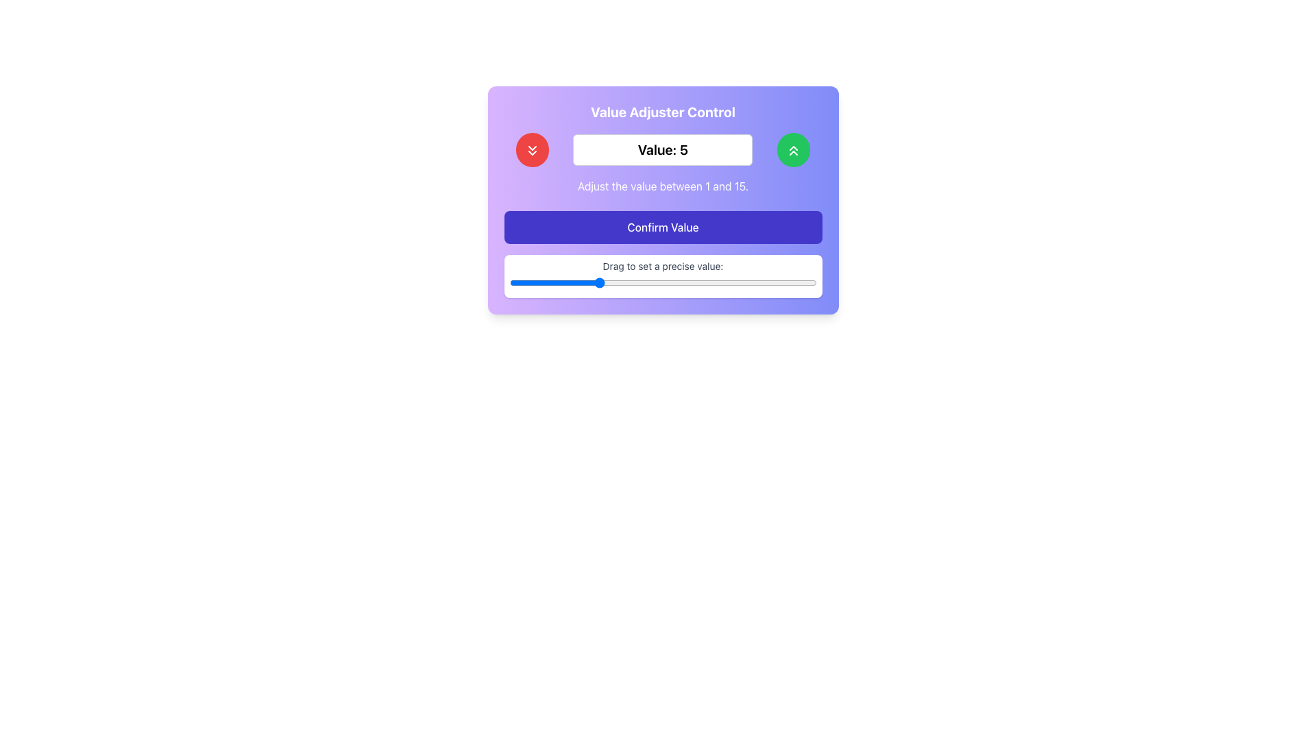 The image size is (1316, 740). I want to click on the centrally positioned Text Input Field, so click(663, 149).